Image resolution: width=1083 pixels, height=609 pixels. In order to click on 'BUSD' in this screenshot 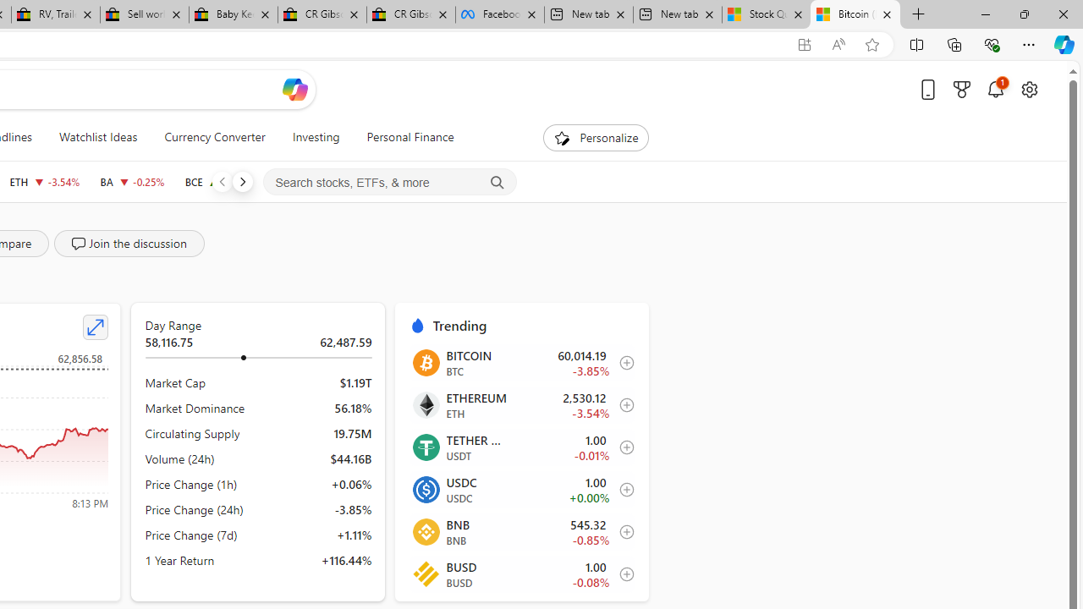, I will do `click(426, 573)`.